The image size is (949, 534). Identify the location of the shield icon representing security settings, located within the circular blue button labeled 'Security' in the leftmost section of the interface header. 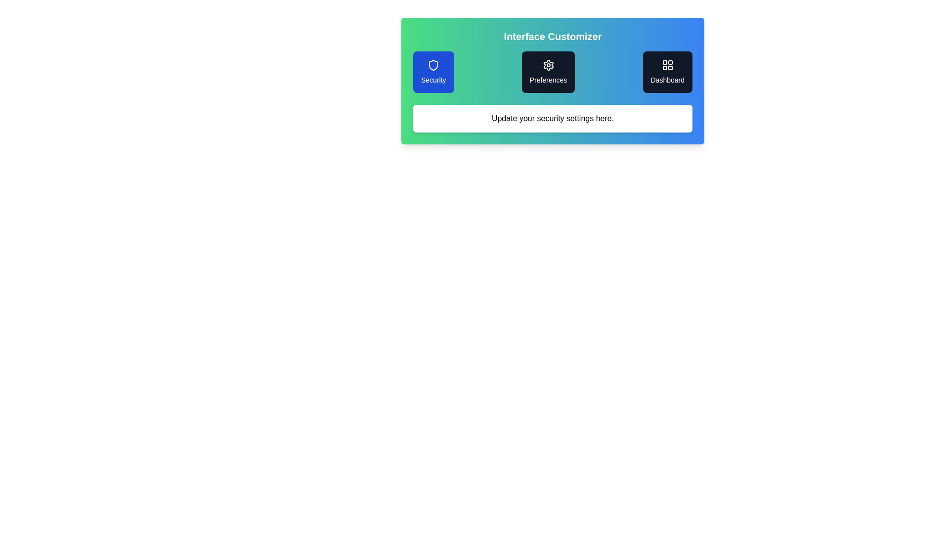
(433, 65).